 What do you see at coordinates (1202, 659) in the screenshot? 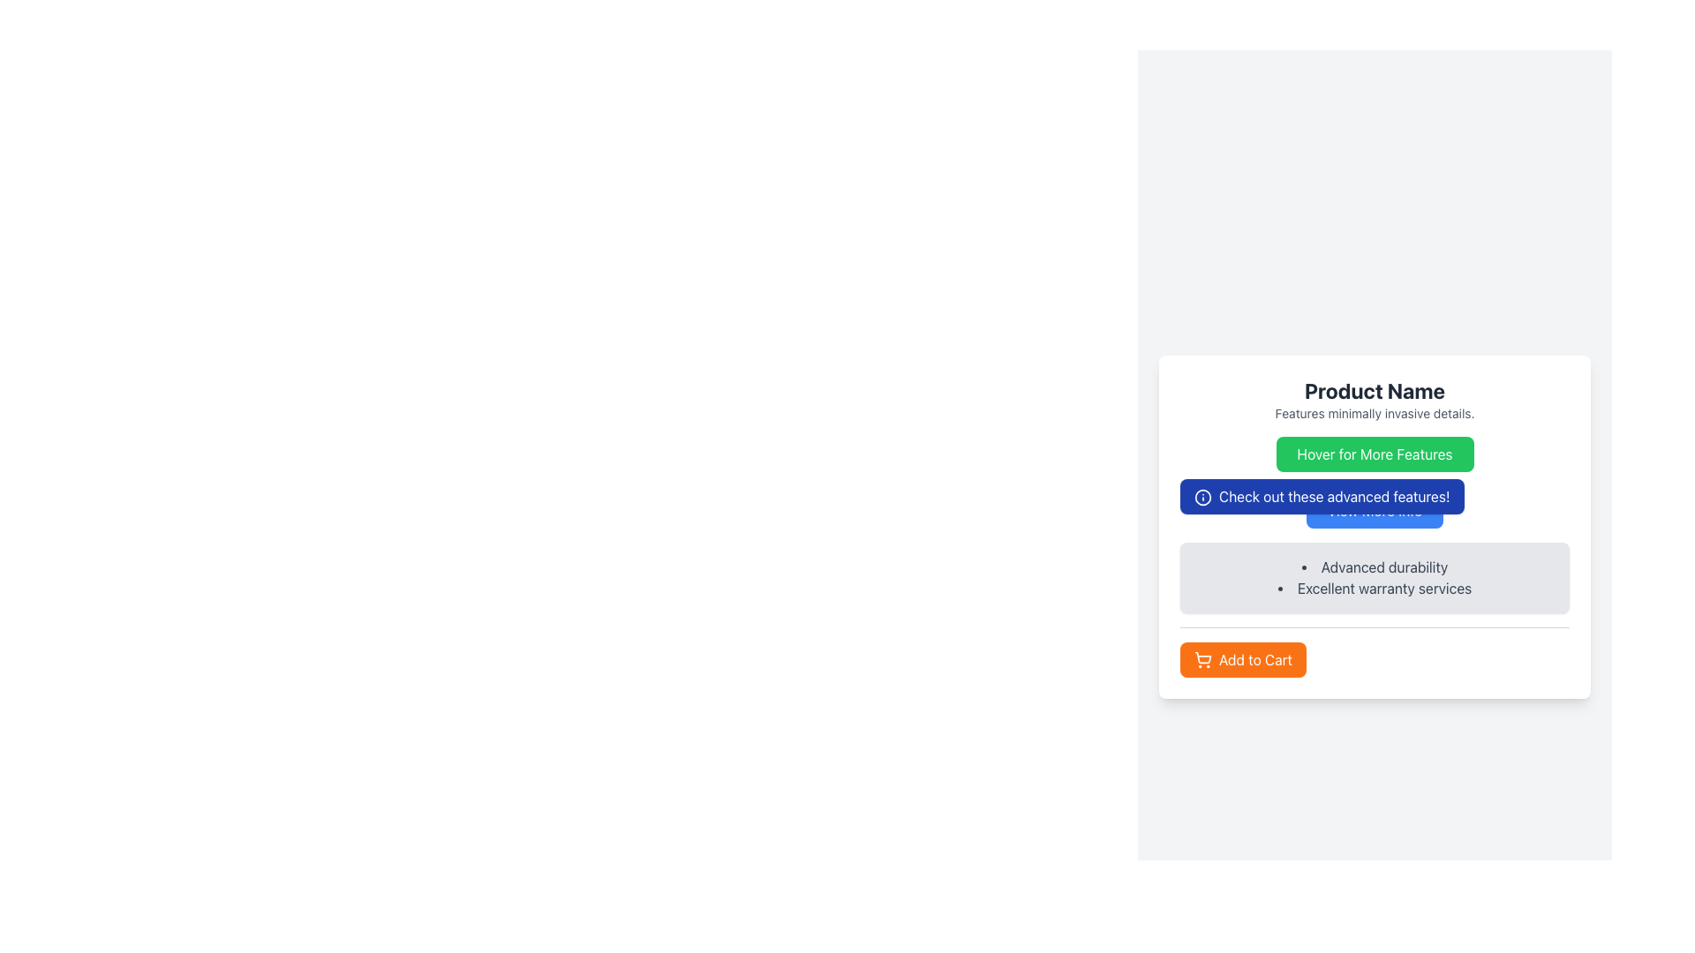
I see `the shopping cart icon embedded within the 'Add to Cart' button, which is styled in white against an orange background and located at the bottom of the interface` at bounding box center [1202, 659].